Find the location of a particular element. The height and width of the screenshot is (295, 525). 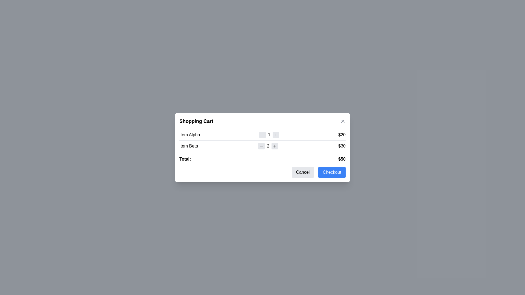

the numeral '1' displayed in bold typeface, which represents the current quantity of 'Item Alpha' between the decrement (-) and increment (+) buttons in the shopping cart interface is located at coordinates (269, 135).